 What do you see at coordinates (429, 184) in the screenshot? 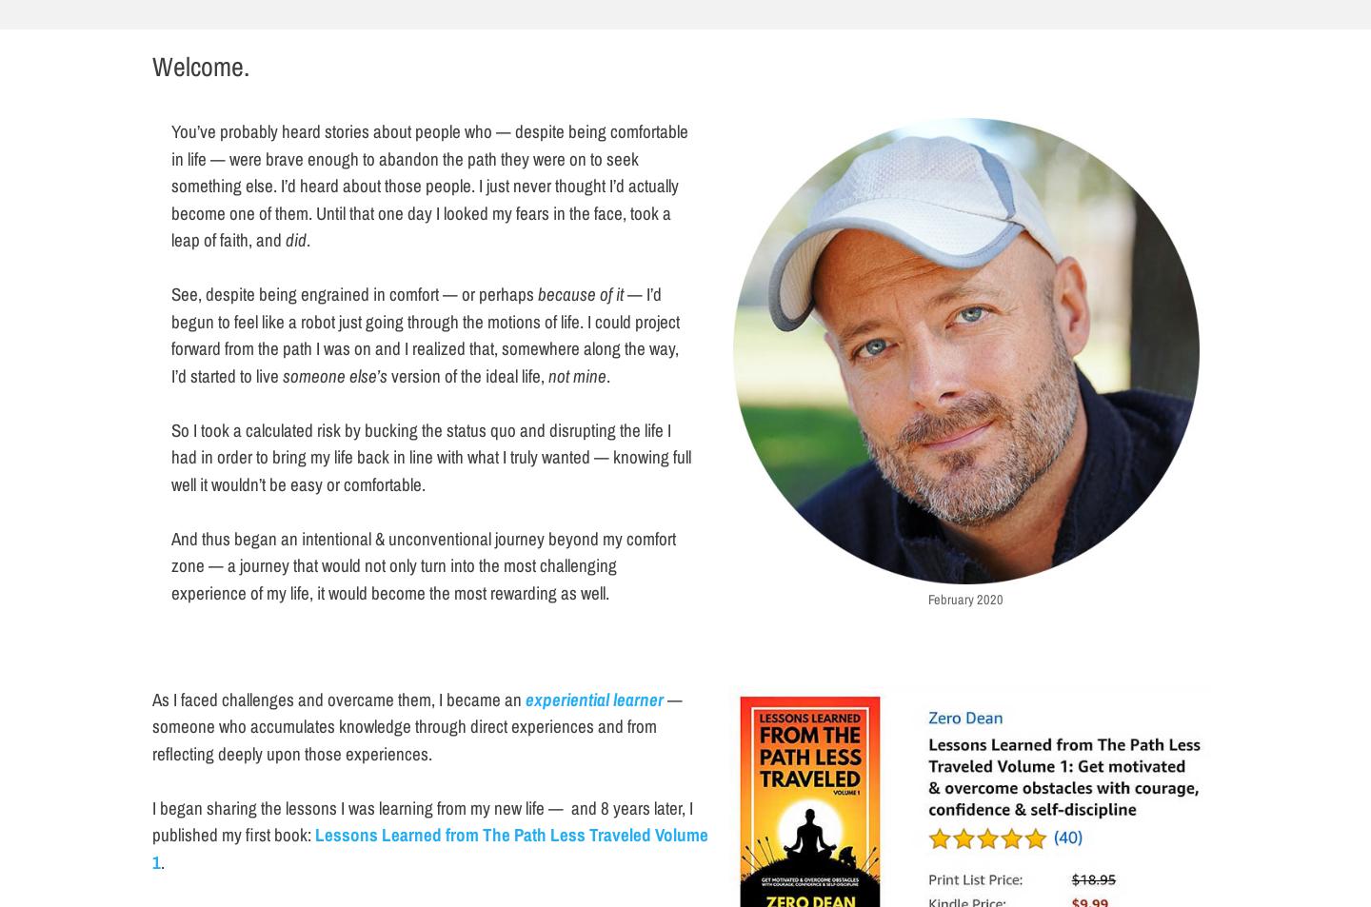
I see `'You’ve probably heard stories about people who — despite being comfortable in life — were brave enough to abandon the path they were on to seek something else. I’d heard about those people. I just never thought I’d actually become one of them. Until that one day I looked my fears in the face, took a leap of faith, and'` at bounding box center [429, 184].